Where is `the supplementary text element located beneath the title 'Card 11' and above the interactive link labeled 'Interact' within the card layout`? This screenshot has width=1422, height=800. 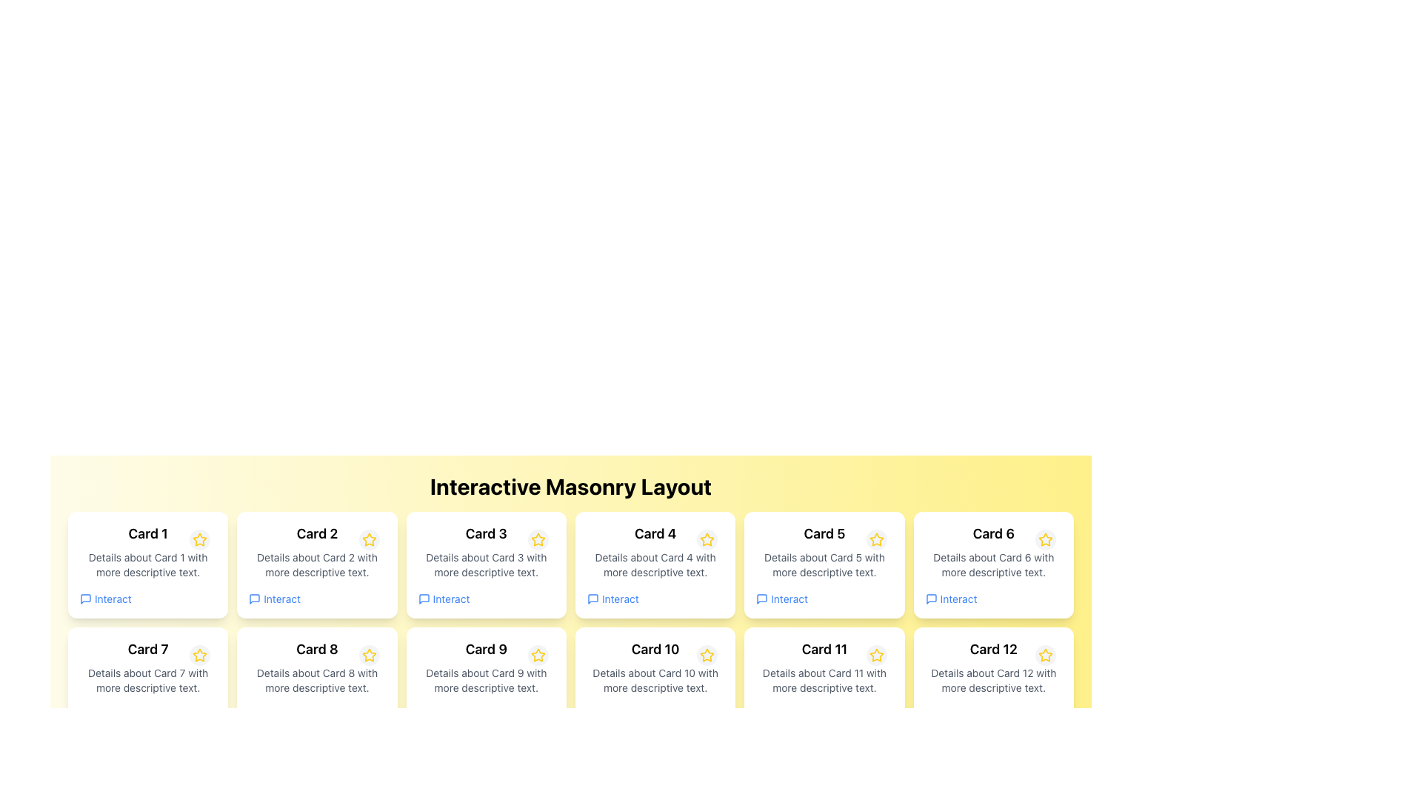 the supplementary text element located beneath the title 'Card 11' and above the interactive link labeled 'Interact' within the card layout is located at coordinates (824, 680).